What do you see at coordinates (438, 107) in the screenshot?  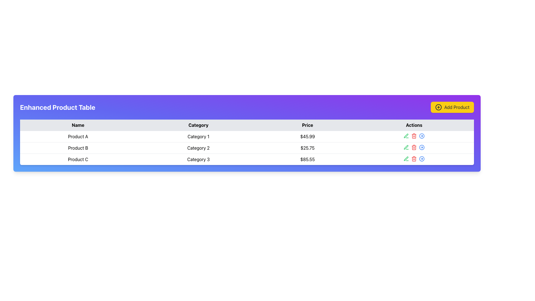 I see `the SVG icon for adding items, located inside the yellow 'Add Product' button in the top-right corner of the interface` at bounding box center [438, 107].